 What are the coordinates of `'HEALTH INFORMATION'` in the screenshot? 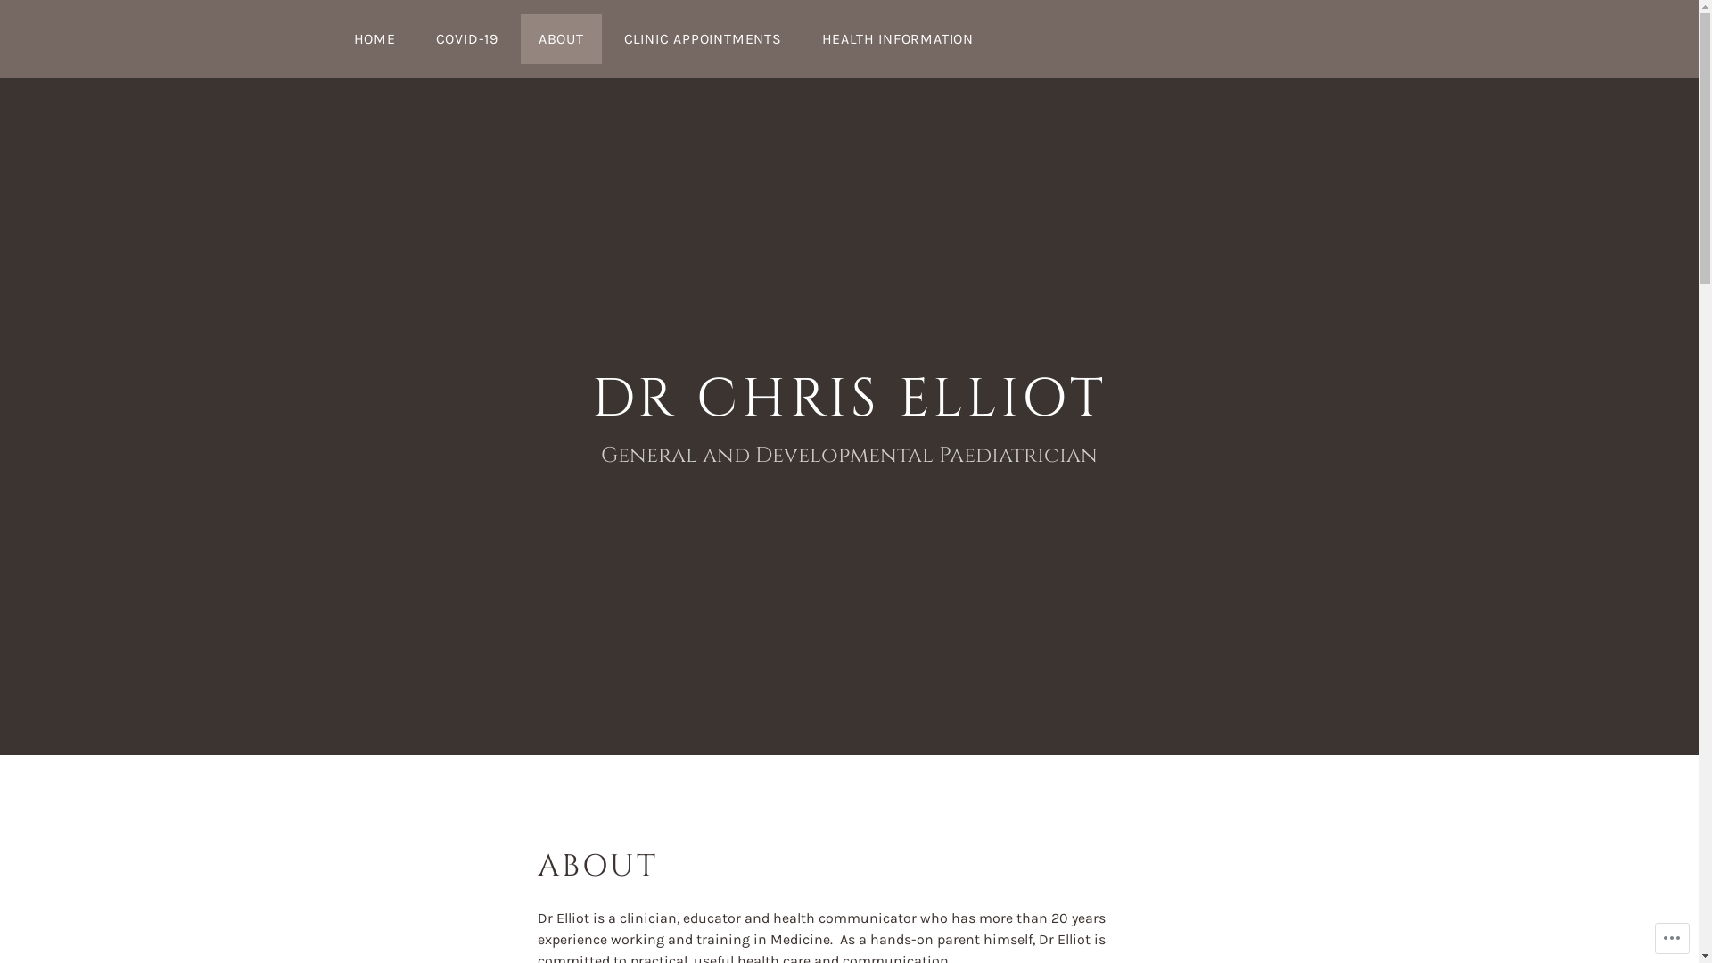 It's located at (898, 38).